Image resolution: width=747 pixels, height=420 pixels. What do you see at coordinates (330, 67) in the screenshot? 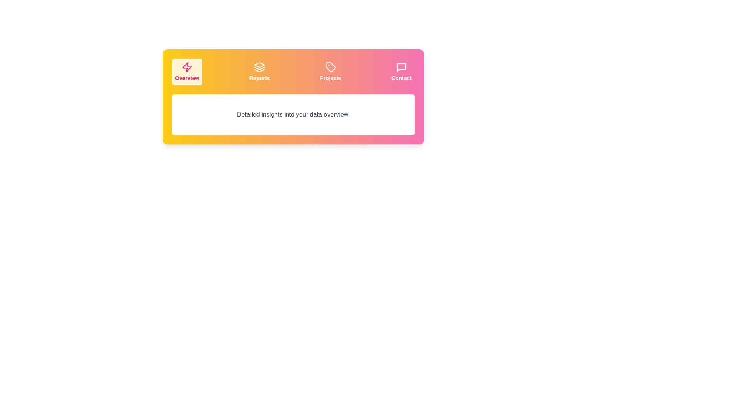
I see `the 'Projects' icon in the menu, which is a tag-shaped icon with a hollow central circle and is positioned above the bold 'Projects' label` at bounding box center [330, 67].